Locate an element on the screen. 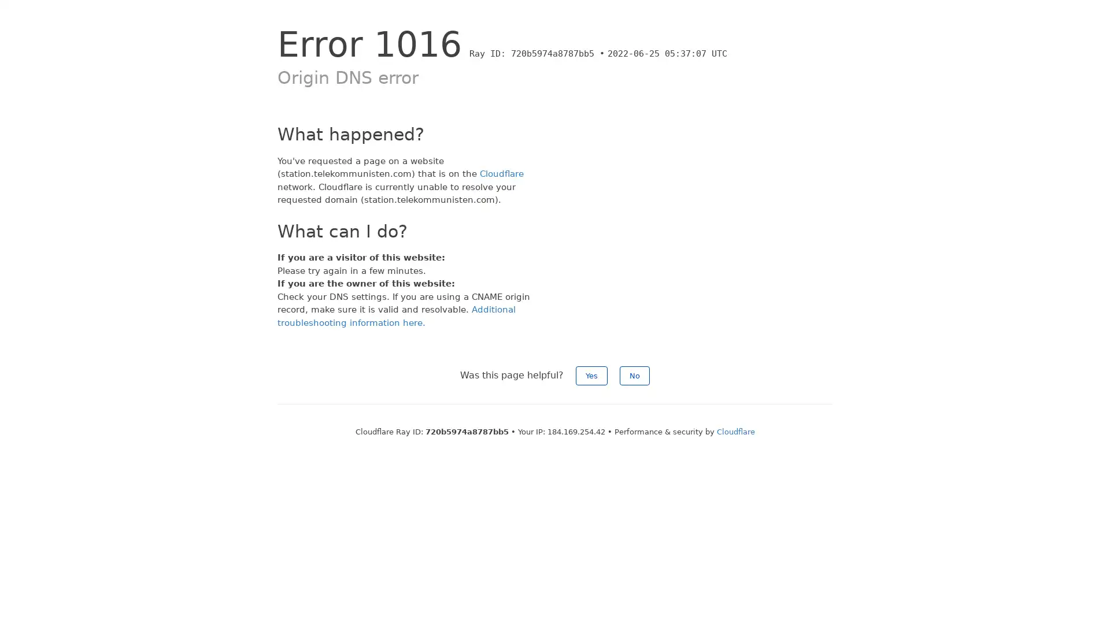  Yes is located at coordinates (591, 376).